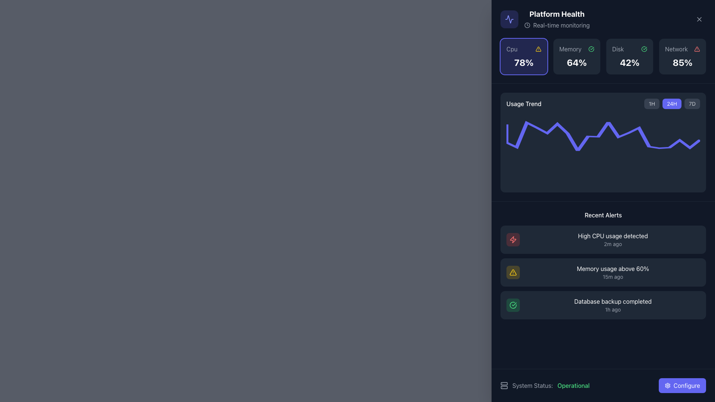 The image size is (715, 402). Describe the element at coordinates (527, 25) in the screenshot. I see `the icon representing 'Real-time monitoring' located in the upper-right region of the interface, adjacent to the 'Platform Health' header` at that location.